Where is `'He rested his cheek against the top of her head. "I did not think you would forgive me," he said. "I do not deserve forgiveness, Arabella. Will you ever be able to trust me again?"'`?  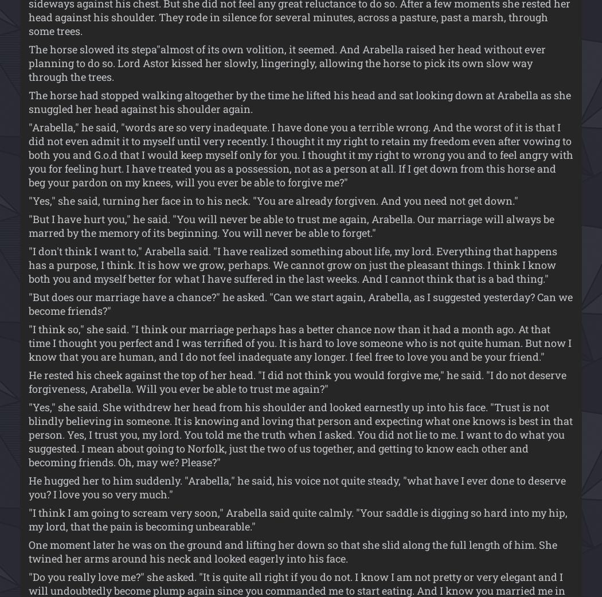 'He rested his cheek against the top of her head. "I did not think you would forgive me," he said. "I do not deserve forgiveness, Arabella. Will you ever be able to trust me again?"' is located at coordinates (297, 380).